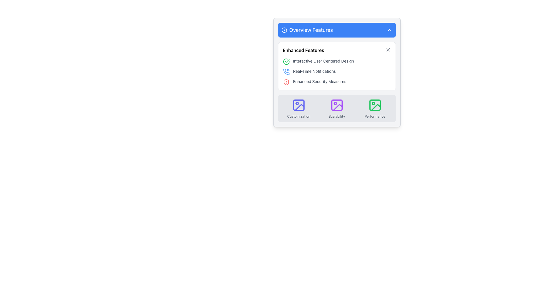 The image size is (546, 307). I want to click on the 'Real-Time Notifications' list item, so click(337, 72).